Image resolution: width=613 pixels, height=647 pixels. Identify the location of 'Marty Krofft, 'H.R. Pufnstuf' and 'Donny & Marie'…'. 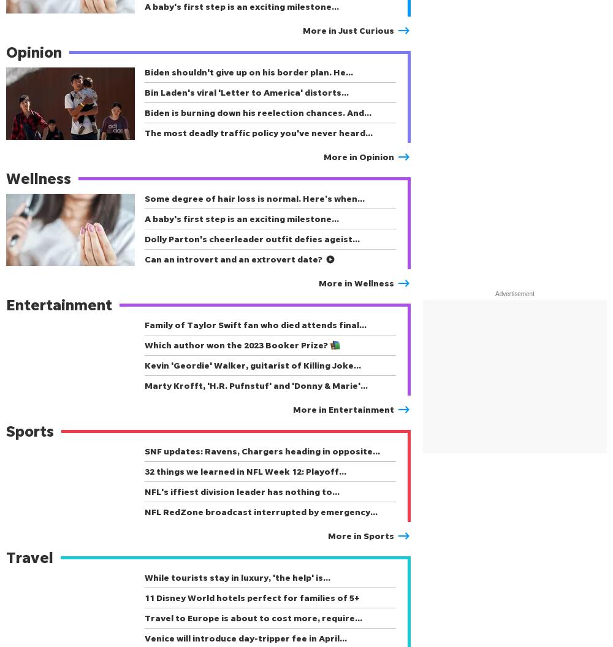
(256, 385).